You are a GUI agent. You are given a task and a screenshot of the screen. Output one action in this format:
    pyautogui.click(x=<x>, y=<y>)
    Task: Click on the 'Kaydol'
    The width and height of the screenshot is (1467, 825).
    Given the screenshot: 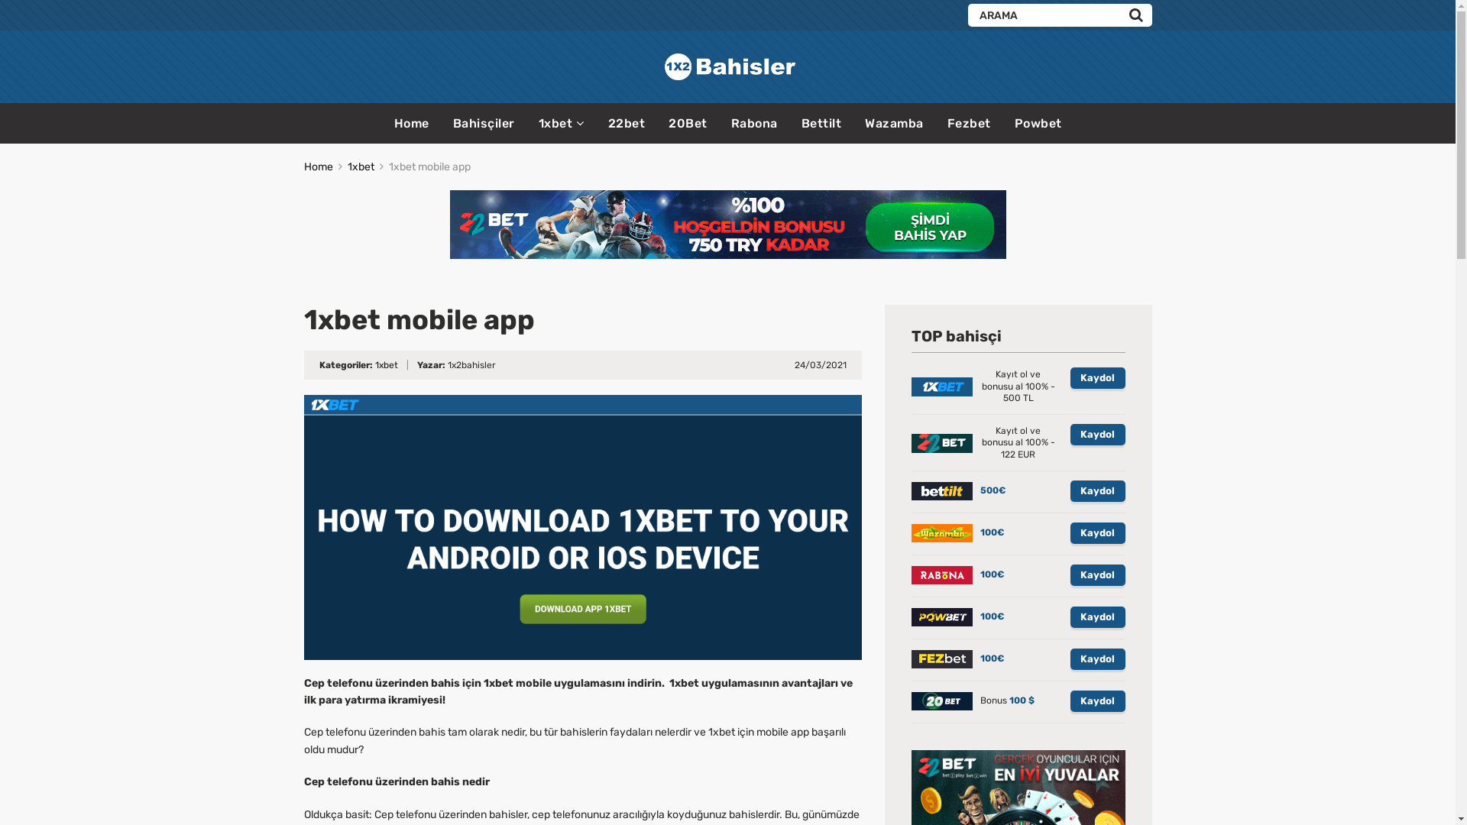 What is the action you would take?
    pyautogui.click(x=1069, y=616)
    